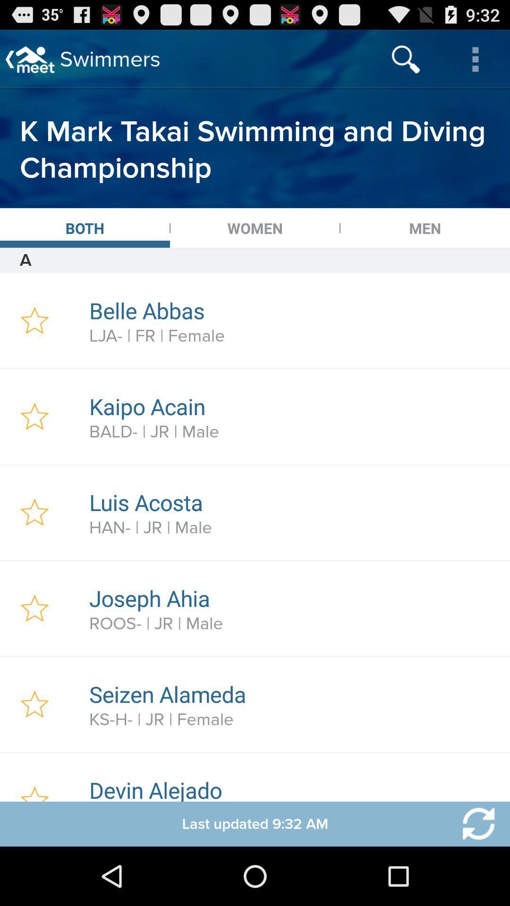  I want to click on item below the devin alejado icon, so click(473, 823).